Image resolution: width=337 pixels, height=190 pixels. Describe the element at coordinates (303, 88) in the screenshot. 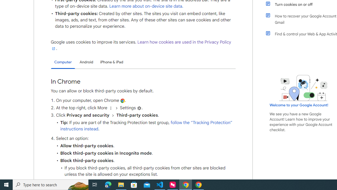

I see `'Learning Center home page image'` at that location.